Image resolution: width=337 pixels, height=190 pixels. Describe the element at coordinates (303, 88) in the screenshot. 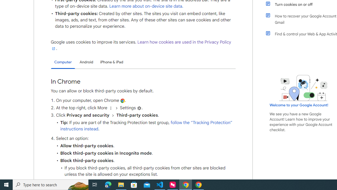

I see `'Learning Center home page image'` at that location.